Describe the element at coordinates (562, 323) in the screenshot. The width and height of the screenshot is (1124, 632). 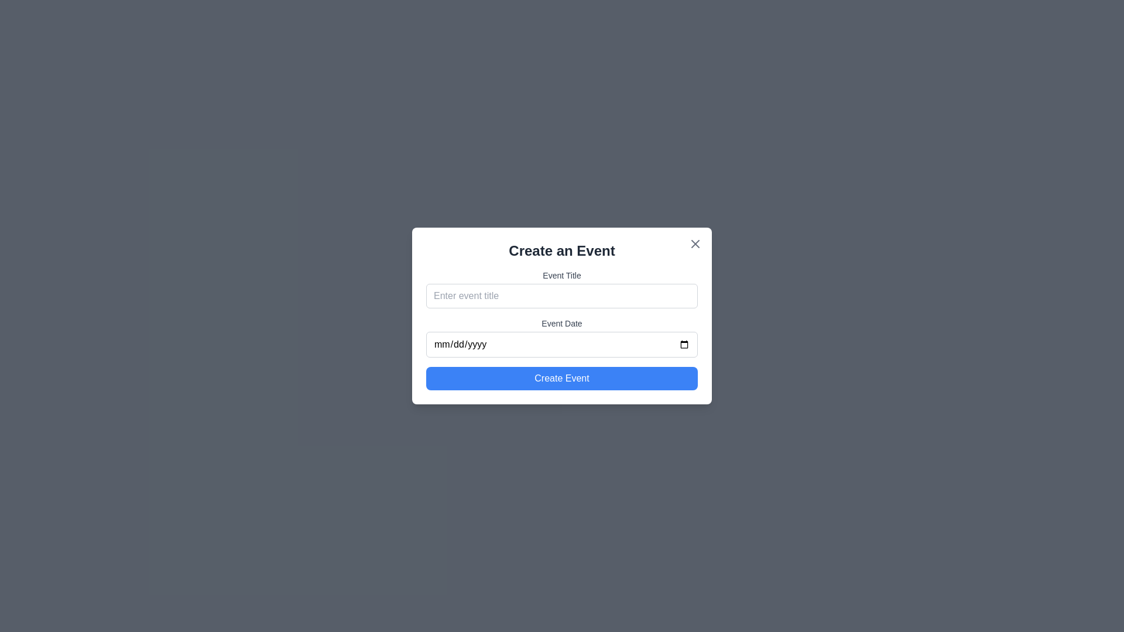
I see `the label displaying 'Event Date', which is styled in a small font size with medium weight and a gray color, located above the date input field in the modal interface` at that location.